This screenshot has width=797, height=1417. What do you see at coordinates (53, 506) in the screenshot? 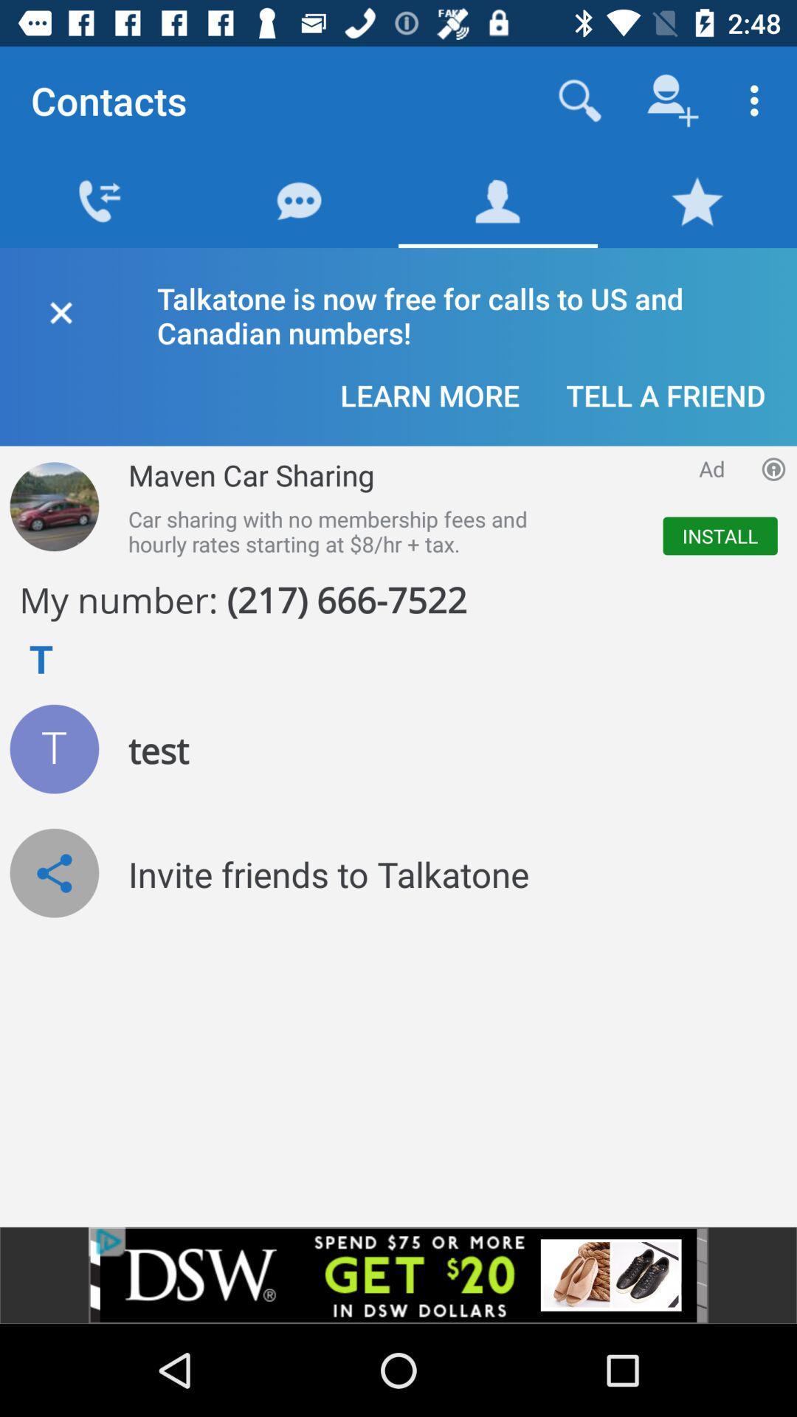
I see `car to add` at bounding box center [53, 506].